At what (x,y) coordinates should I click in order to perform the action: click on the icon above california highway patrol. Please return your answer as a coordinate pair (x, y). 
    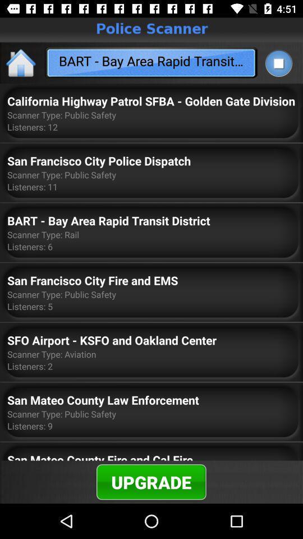
    Looking at the image, I should click on (278, 63).